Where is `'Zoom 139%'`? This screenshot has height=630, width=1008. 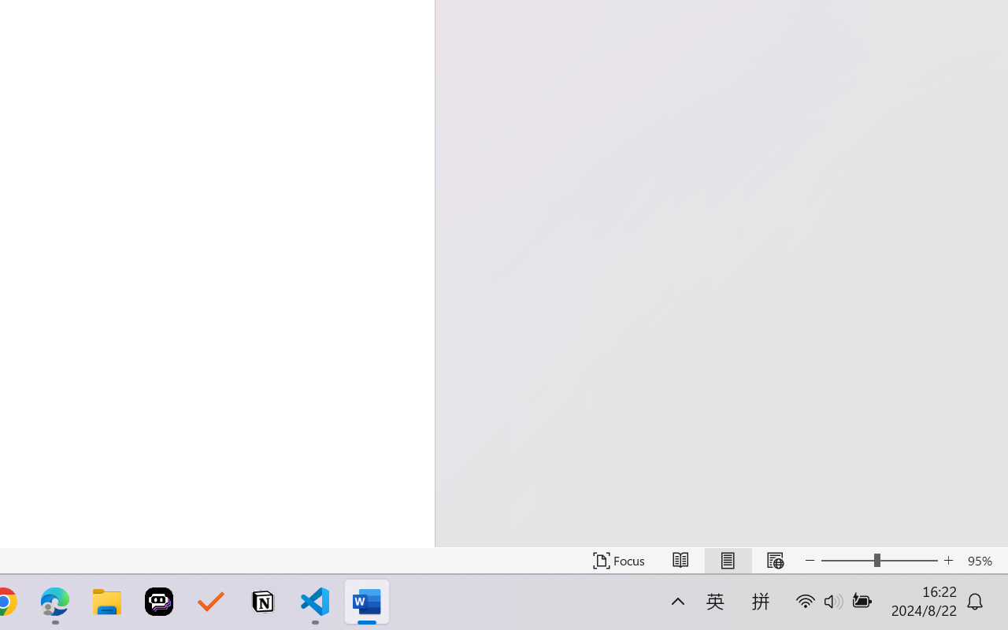
'Zoom 139%' is located at coordinates (971, 585).